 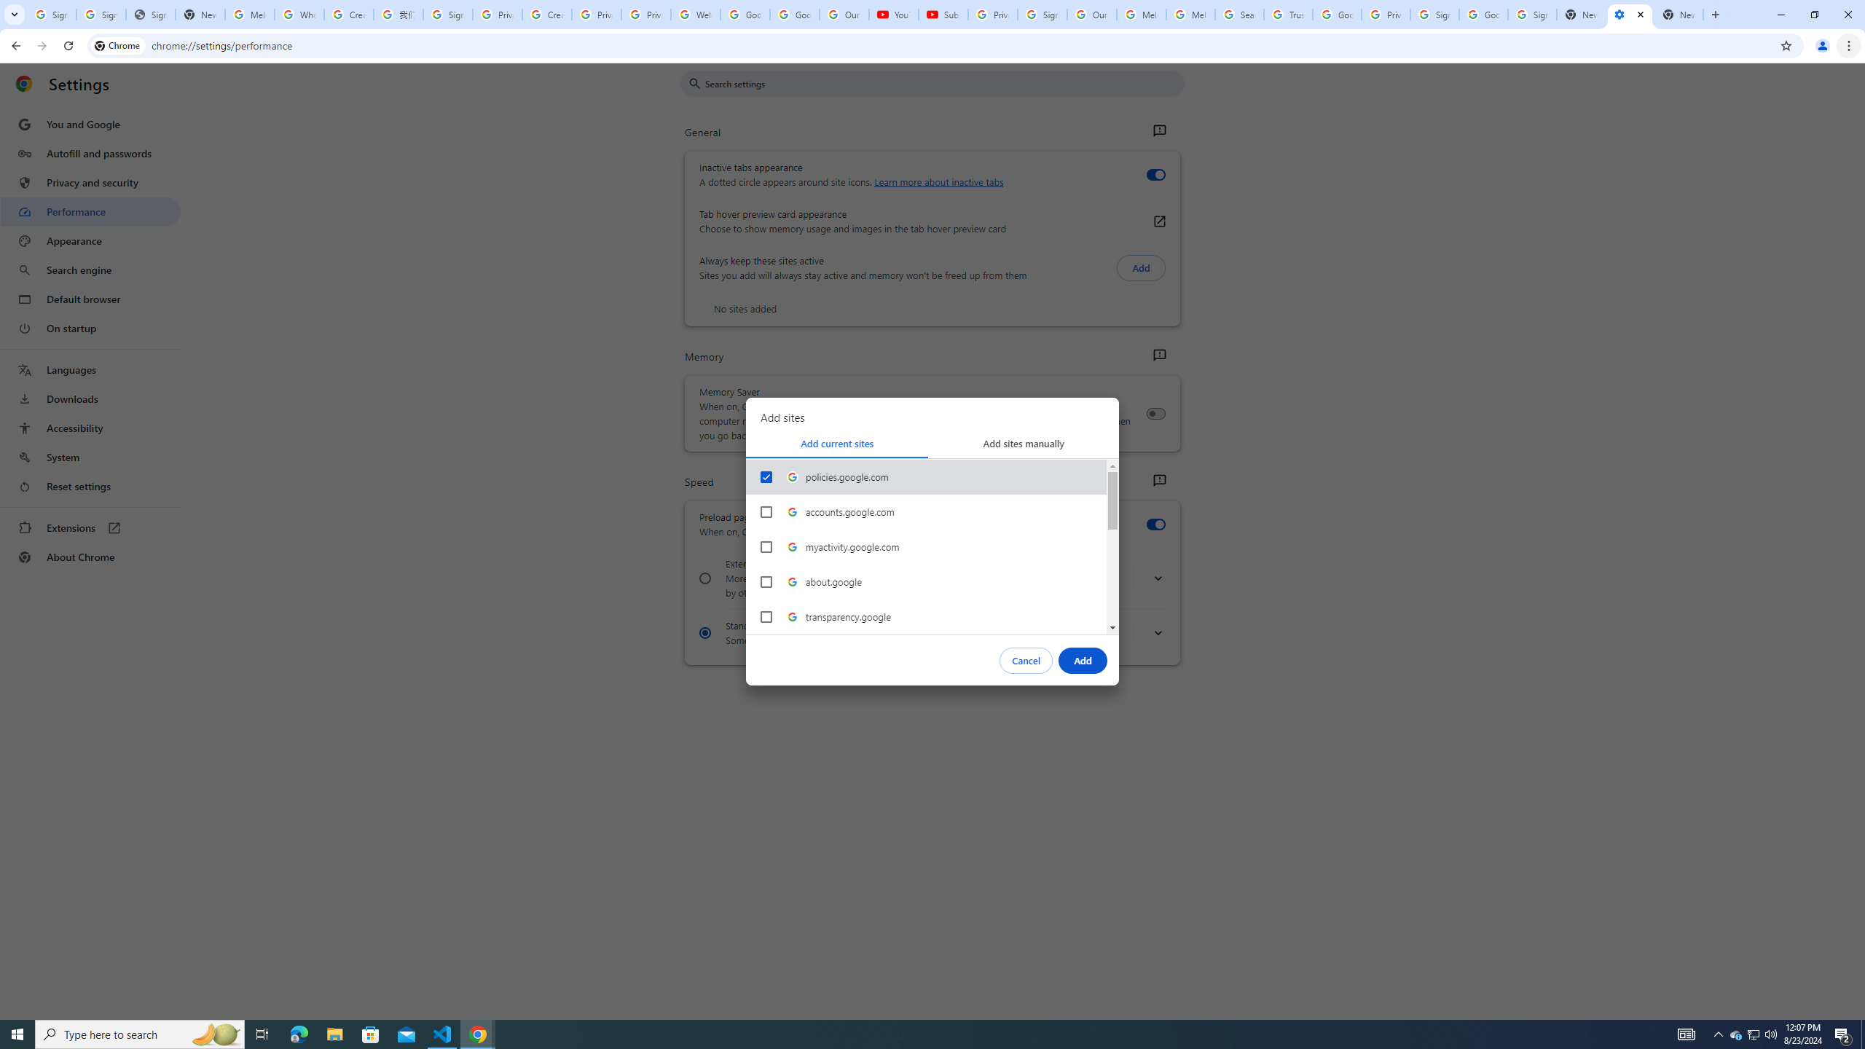 What do you see at coordinates (1678, 14) in the screenshot?
I see `'New Tab'` at bounding box center [1678, 14].